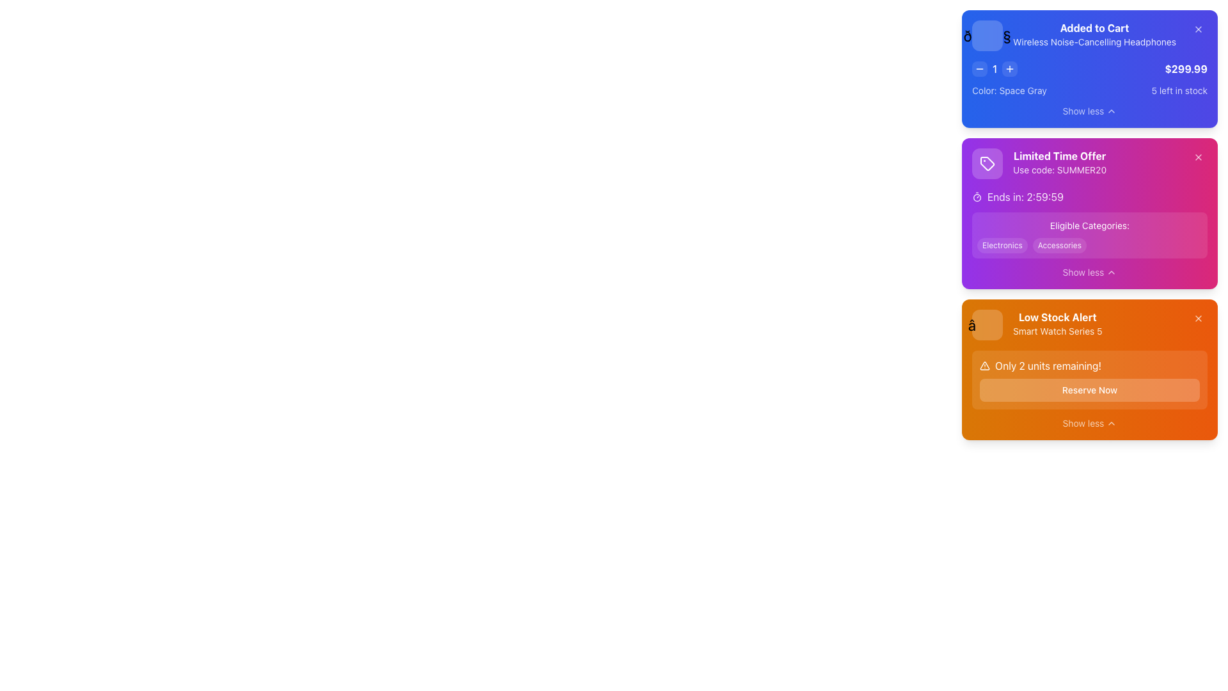 The width and height of the screenshot is (1228, 691). I want to click on the circular button with an 'X' icon in the top-right corner of the 'Added to Cart' notification card, so click(1197, 29).